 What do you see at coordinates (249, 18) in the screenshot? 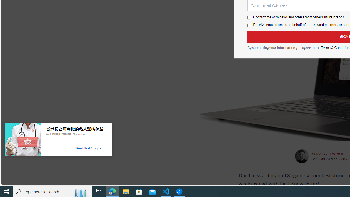
I see `'Contact me with news and offers from other Future brands'` at bounding box center [249, 18].